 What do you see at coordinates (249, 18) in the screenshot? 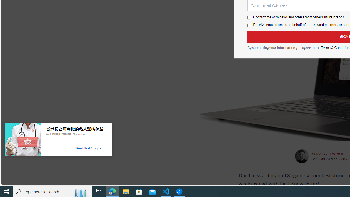
I see `'Contact me with news and offers from other Future brands'` at bounding box center [249, 18].